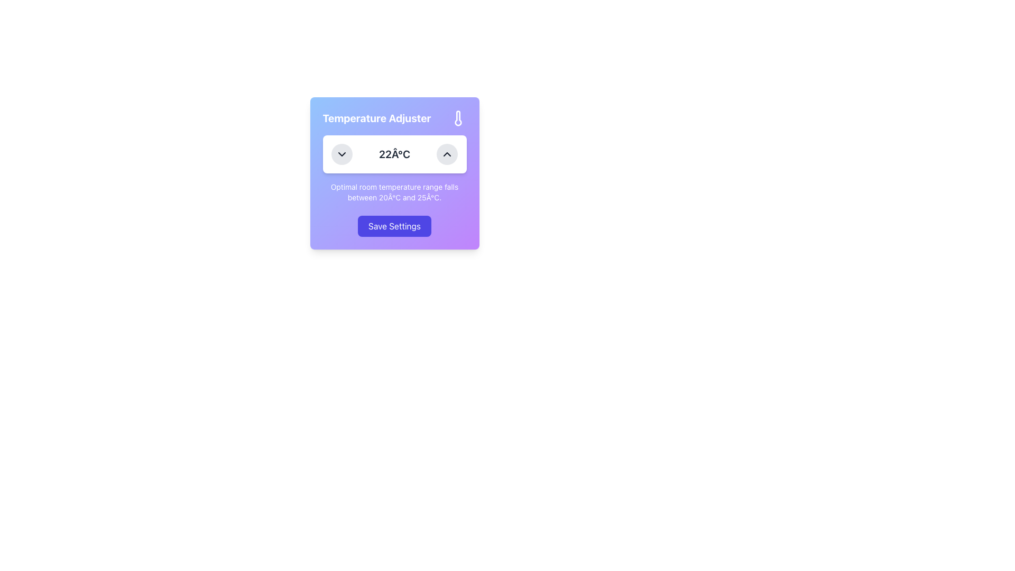  Describe the element at coordinates (447, 154) in the screenshot. I see `the increment button located inside a circular button on the right side of the temperature control interface to increase the shown temperature value` at that location.